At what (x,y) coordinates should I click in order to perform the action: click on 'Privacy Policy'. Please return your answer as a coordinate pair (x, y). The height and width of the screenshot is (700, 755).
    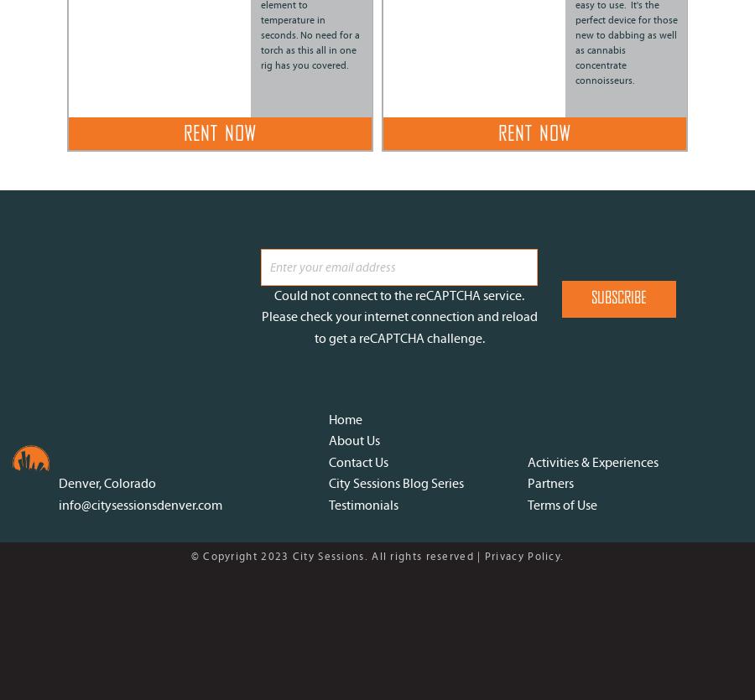
    Looking at the image, I should click on (522, 555).